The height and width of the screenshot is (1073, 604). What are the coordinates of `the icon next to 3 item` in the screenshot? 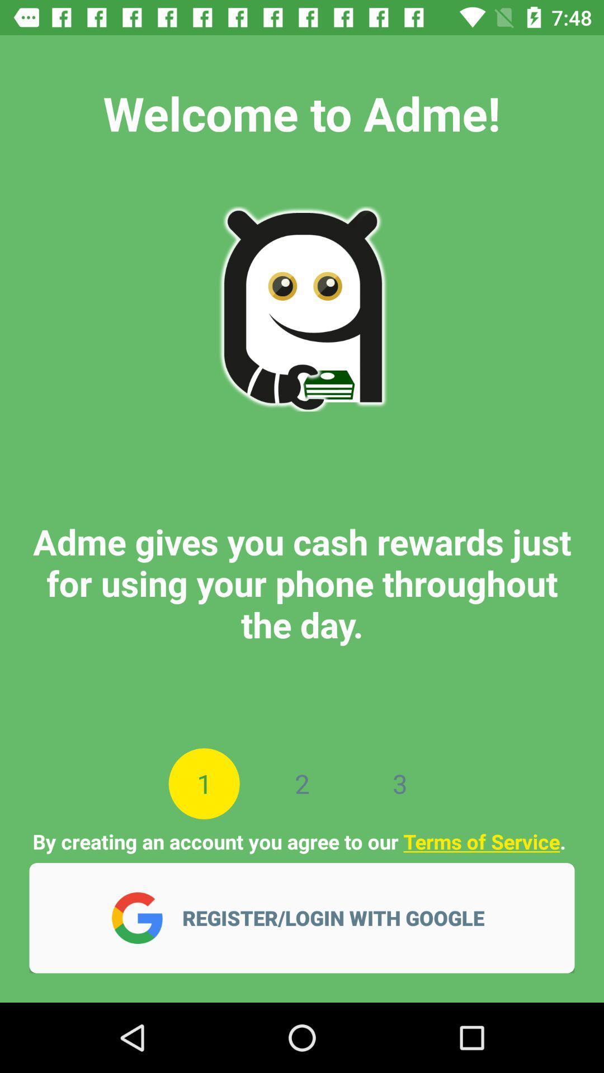 It's located at (302, 783).